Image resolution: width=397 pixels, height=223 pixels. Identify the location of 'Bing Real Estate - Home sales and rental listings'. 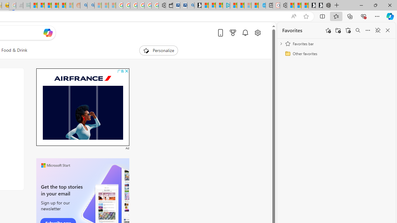
(190, 5).